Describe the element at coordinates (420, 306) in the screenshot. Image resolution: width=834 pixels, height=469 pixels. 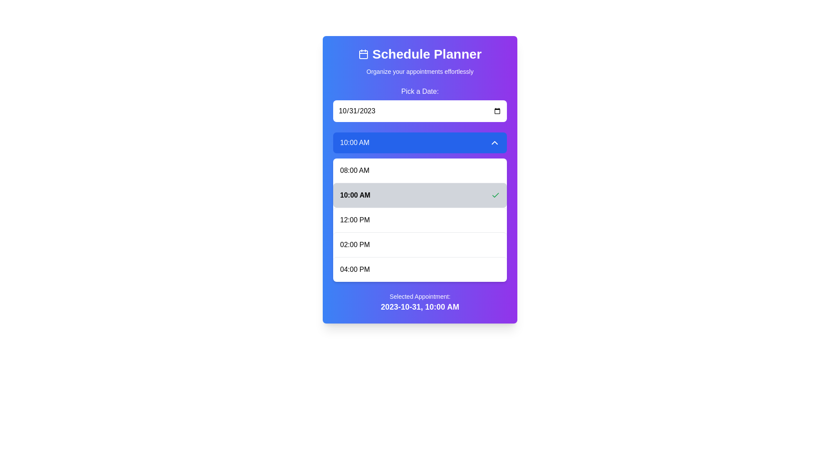
I see `the Text label displaying the selected appointment date and time located within the 'Selected Appointment:' section at the bottom of the interface` at that location.